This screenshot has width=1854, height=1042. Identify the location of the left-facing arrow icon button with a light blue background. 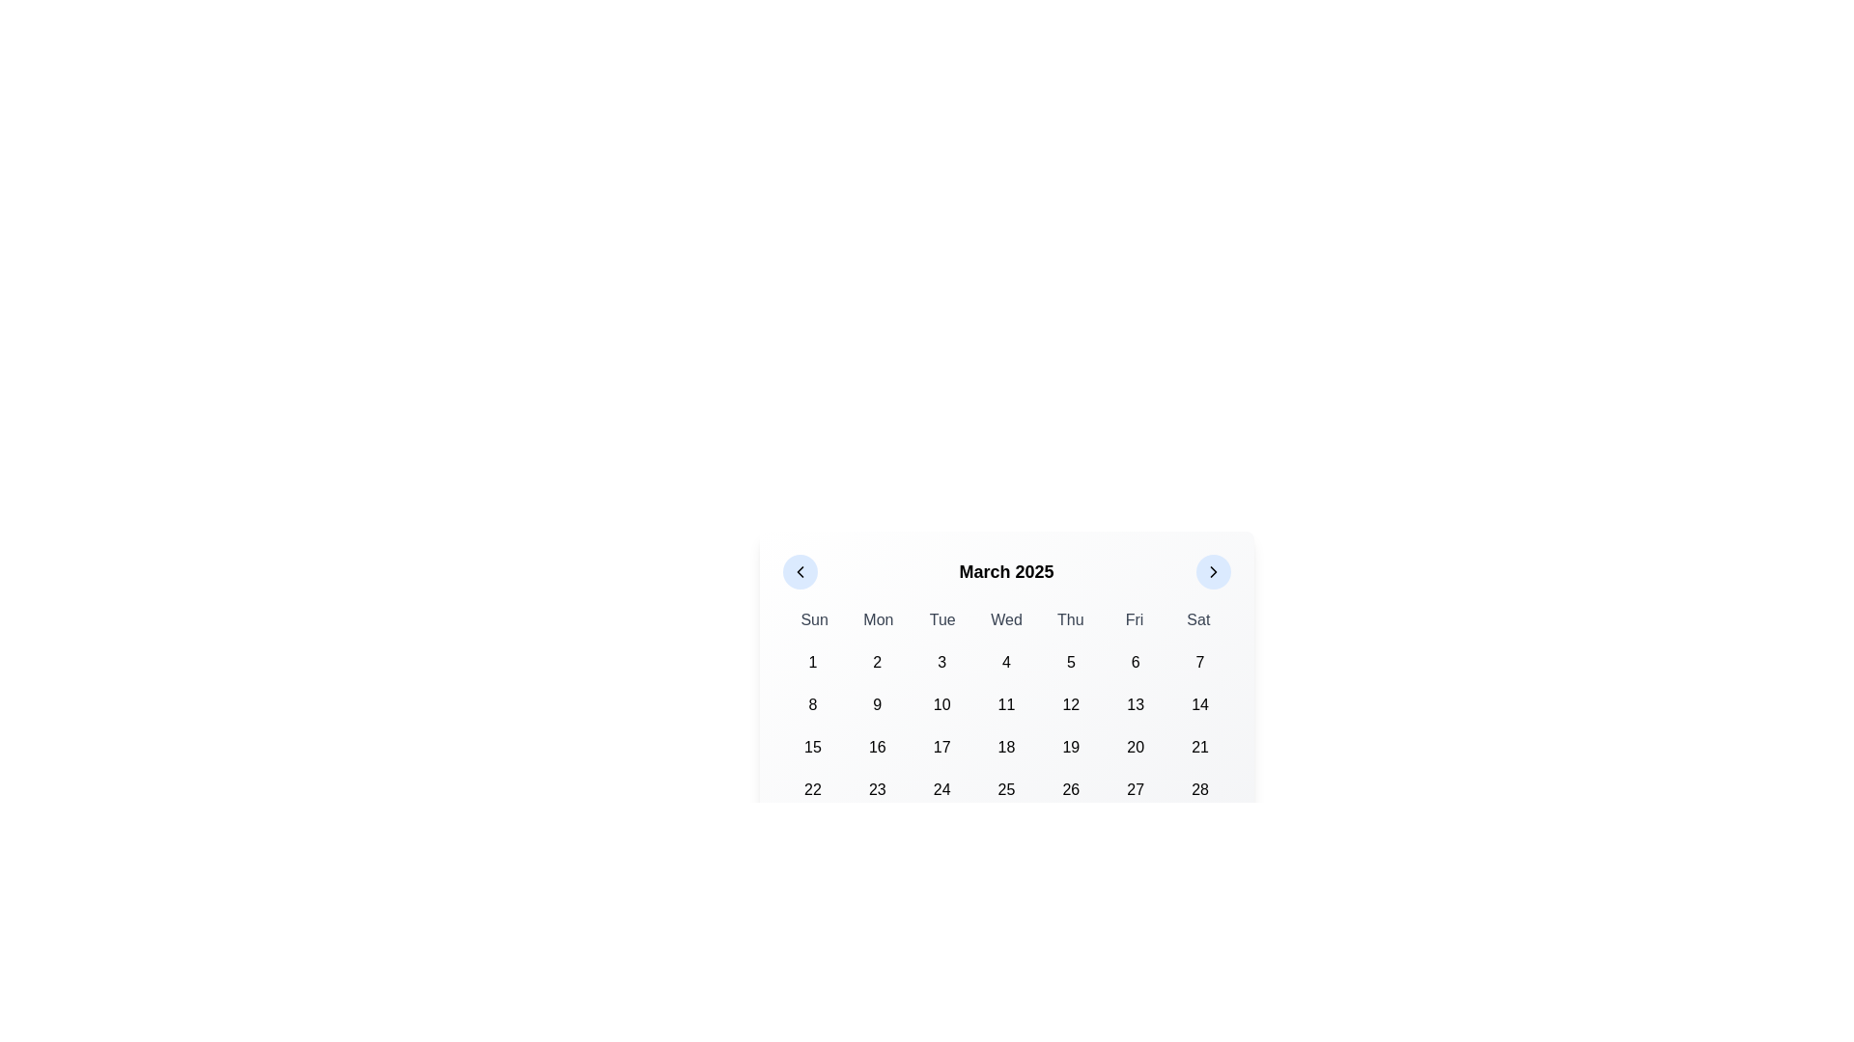
(800, 571).